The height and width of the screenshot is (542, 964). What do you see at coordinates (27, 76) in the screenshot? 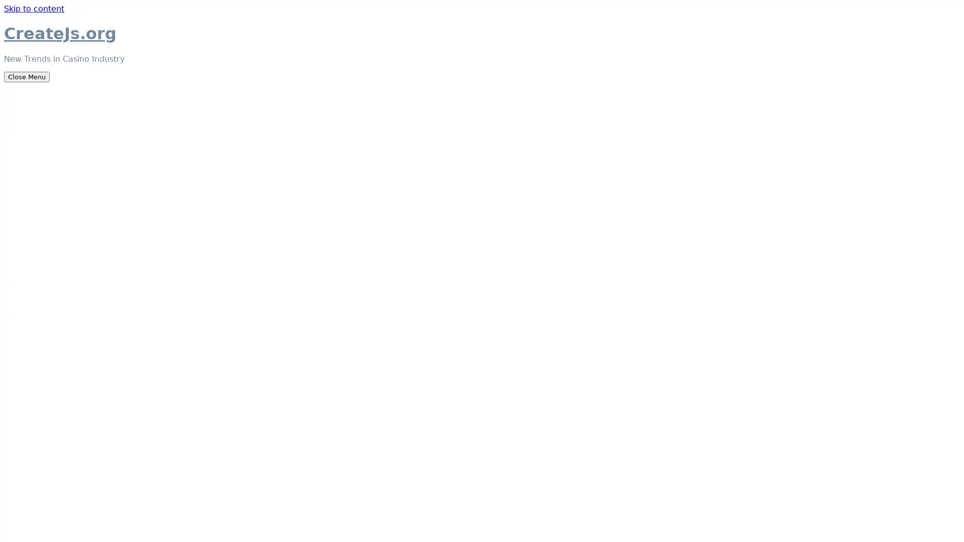
I see `Close Menu` at bounding box center [27, 76].